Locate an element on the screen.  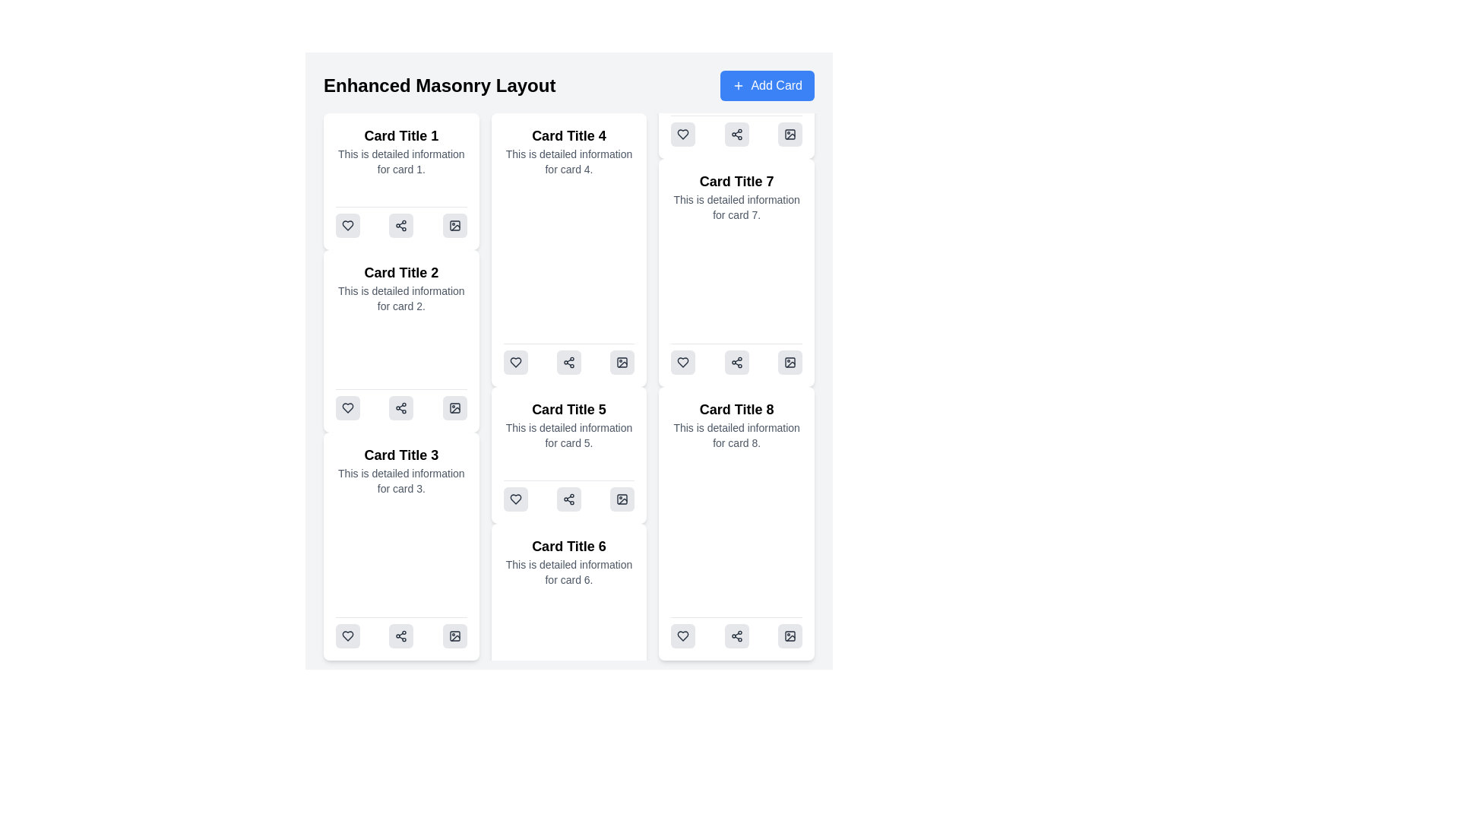
the share button located in the third column, eighth card of the layout to initiate a share action is located at coordinates (736, 636).